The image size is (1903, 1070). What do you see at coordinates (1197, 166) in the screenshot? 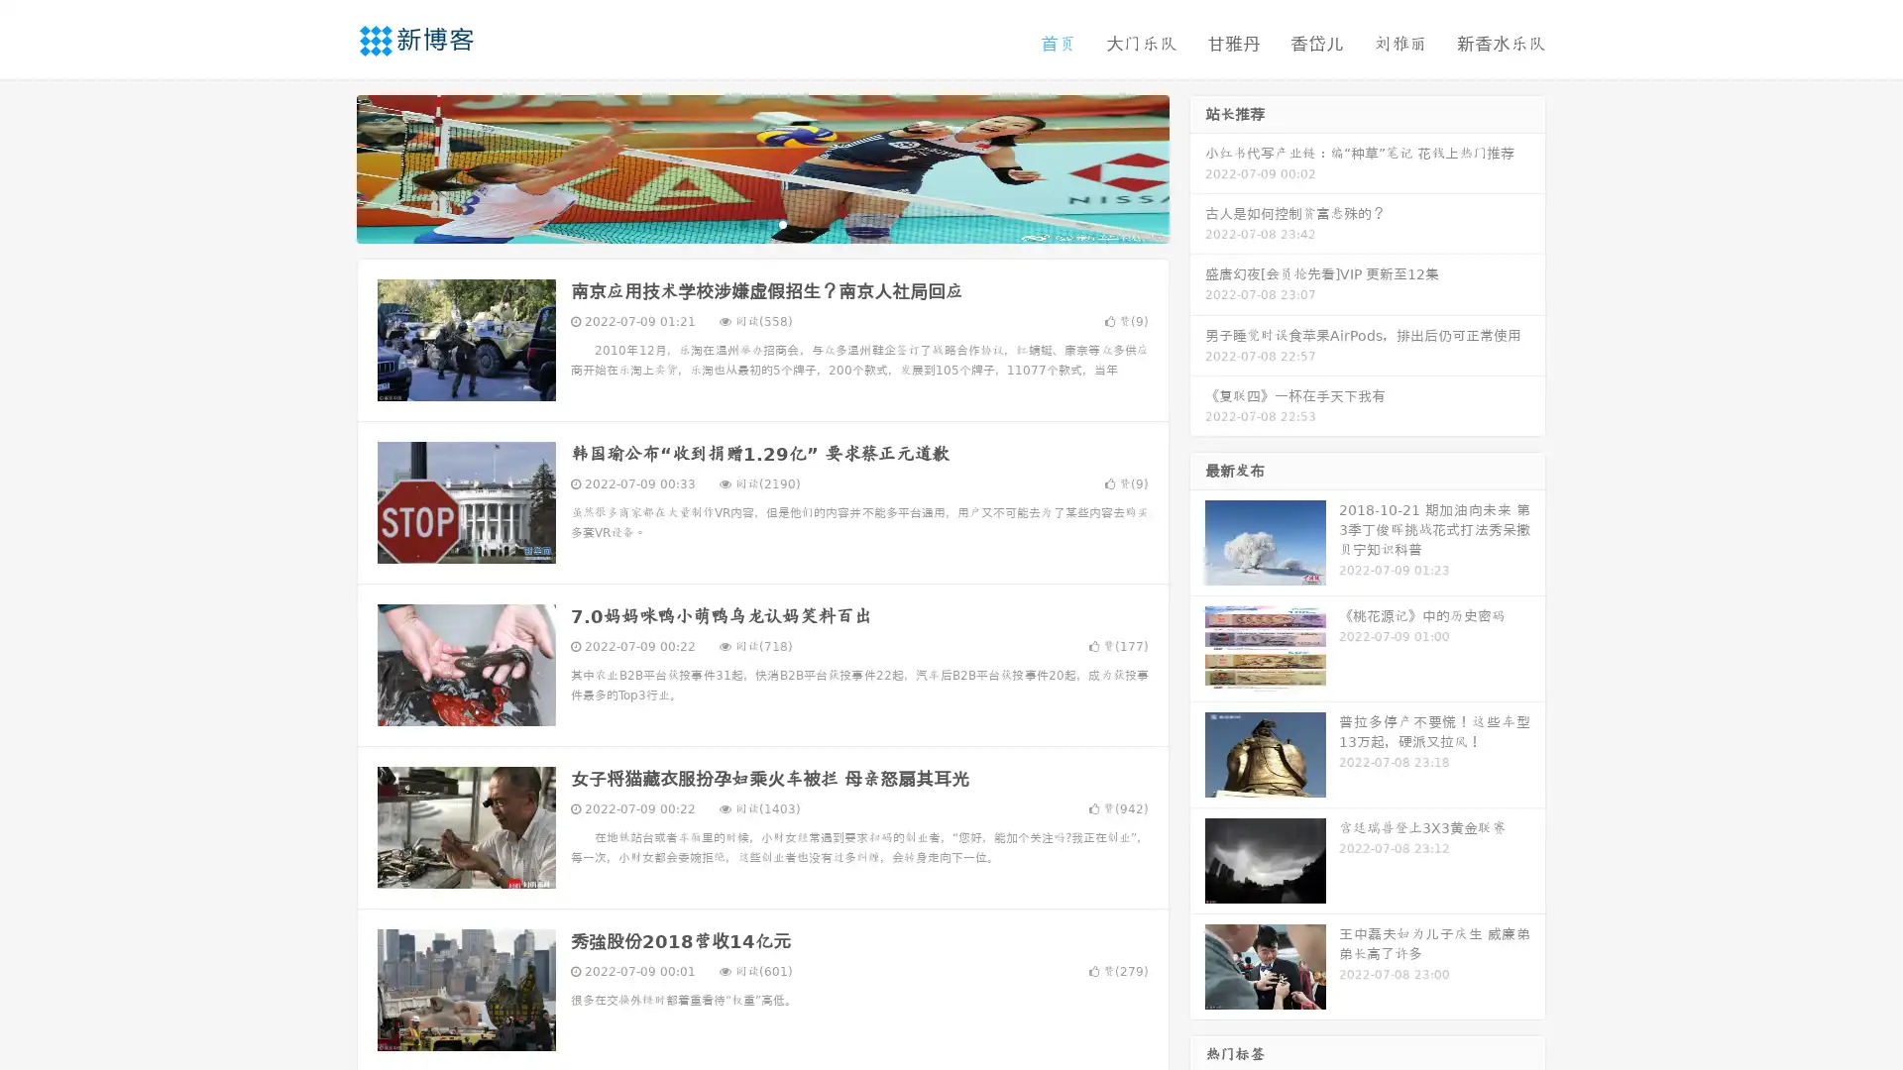
I see `Next slide` at bounding box center [1197, 166].